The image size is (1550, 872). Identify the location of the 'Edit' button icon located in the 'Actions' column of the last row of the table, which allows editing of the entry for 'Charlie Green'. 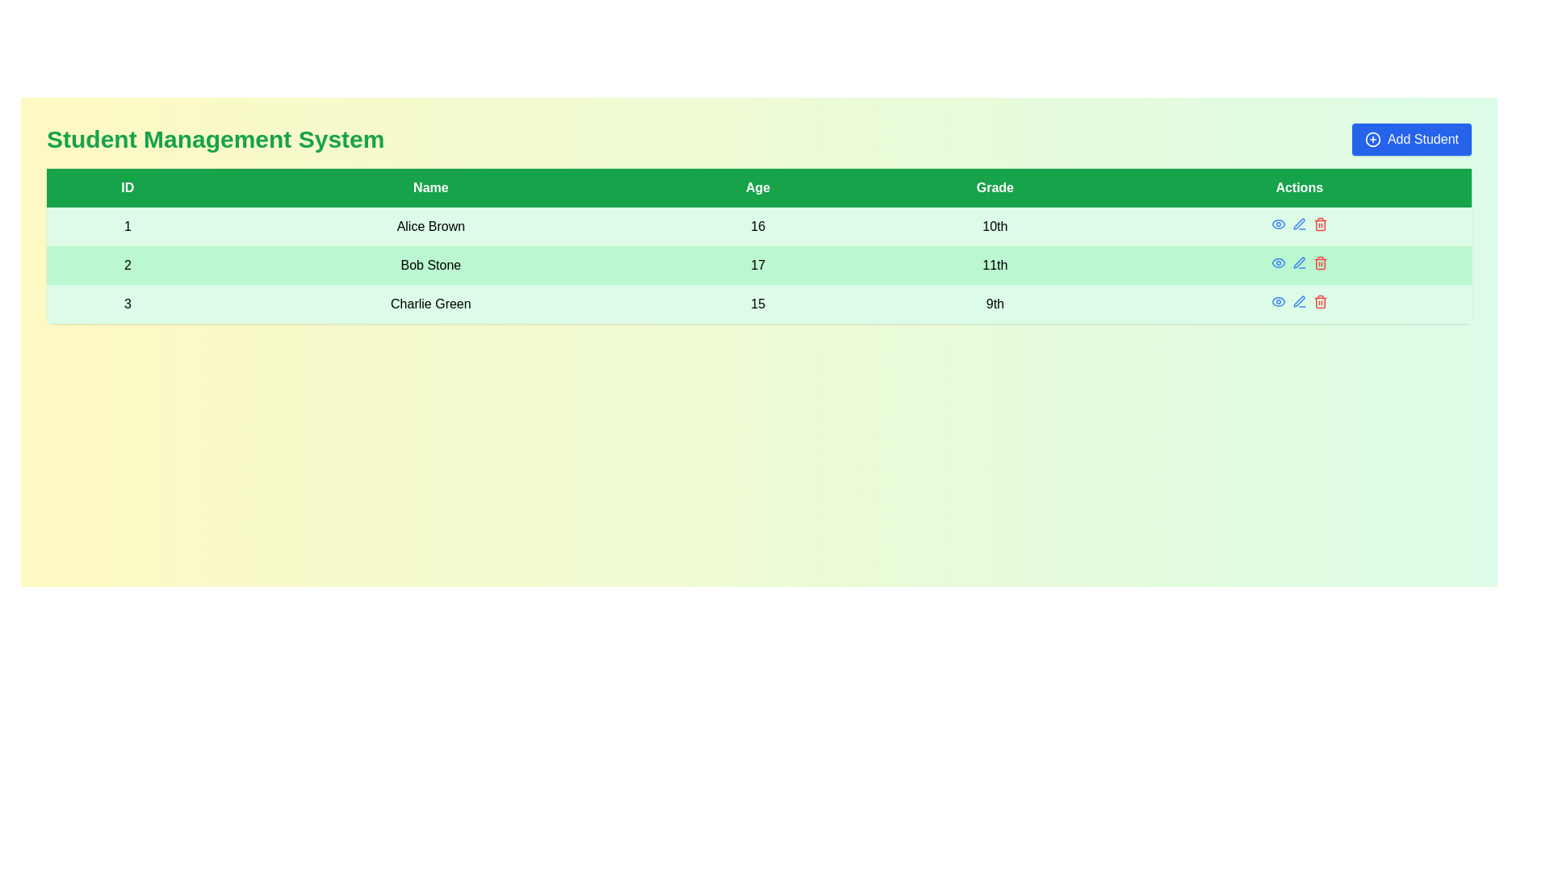
(1299, 302).